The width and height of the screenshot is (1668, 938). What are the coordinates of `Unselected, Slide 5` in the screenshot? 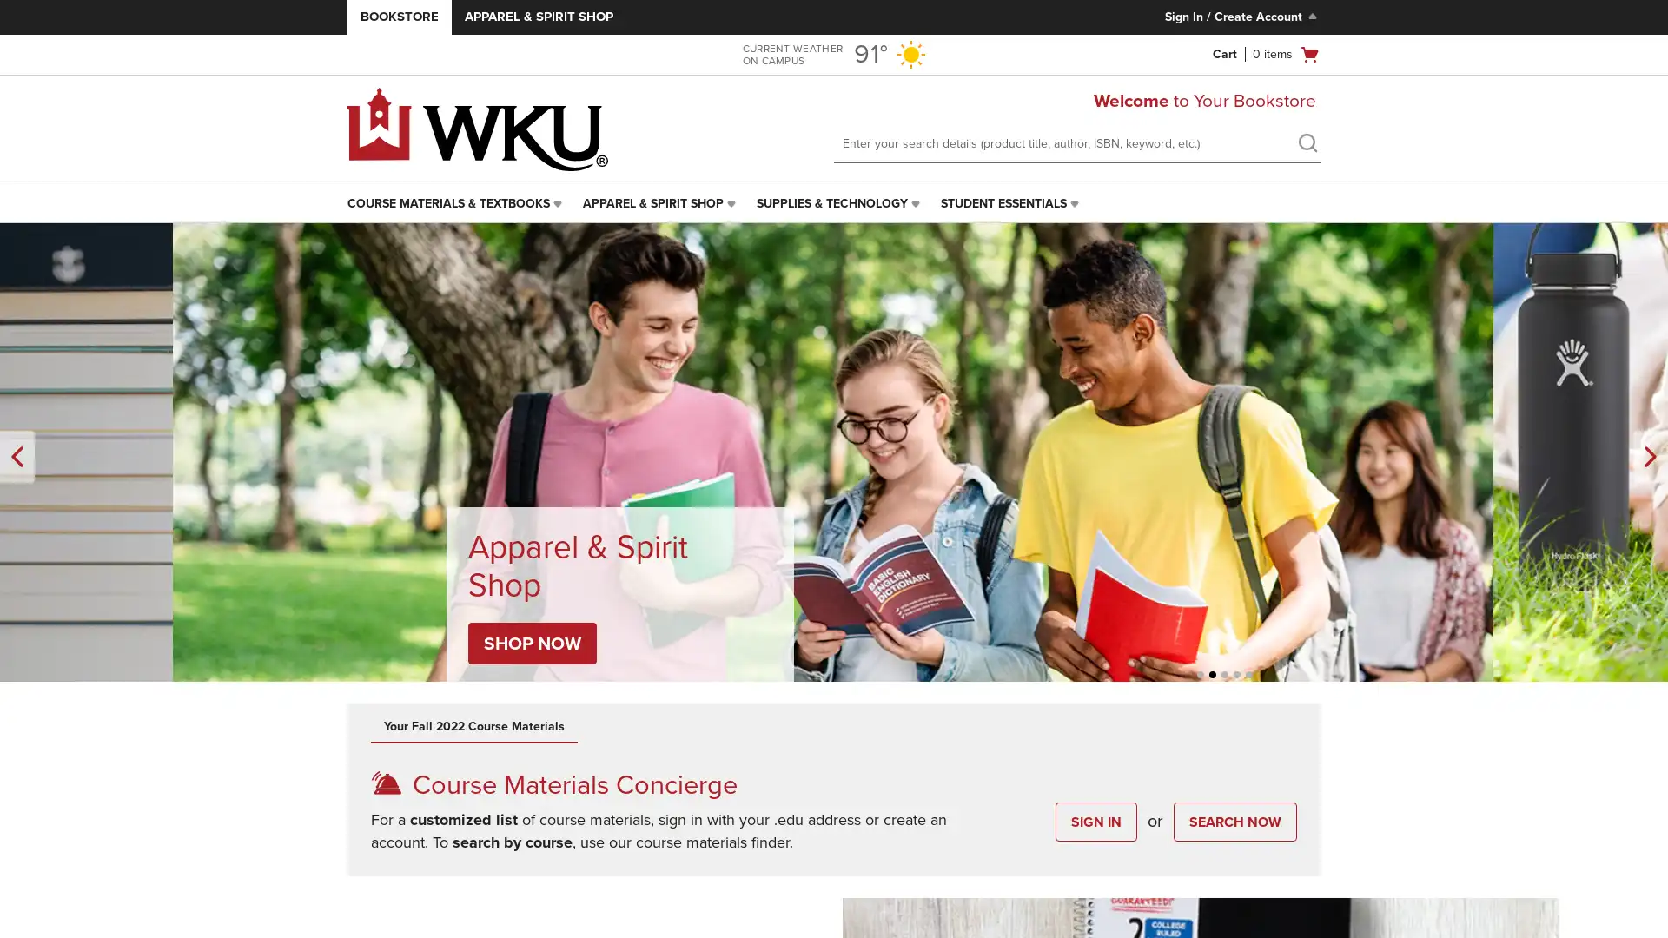 It's located at (1248, 673).